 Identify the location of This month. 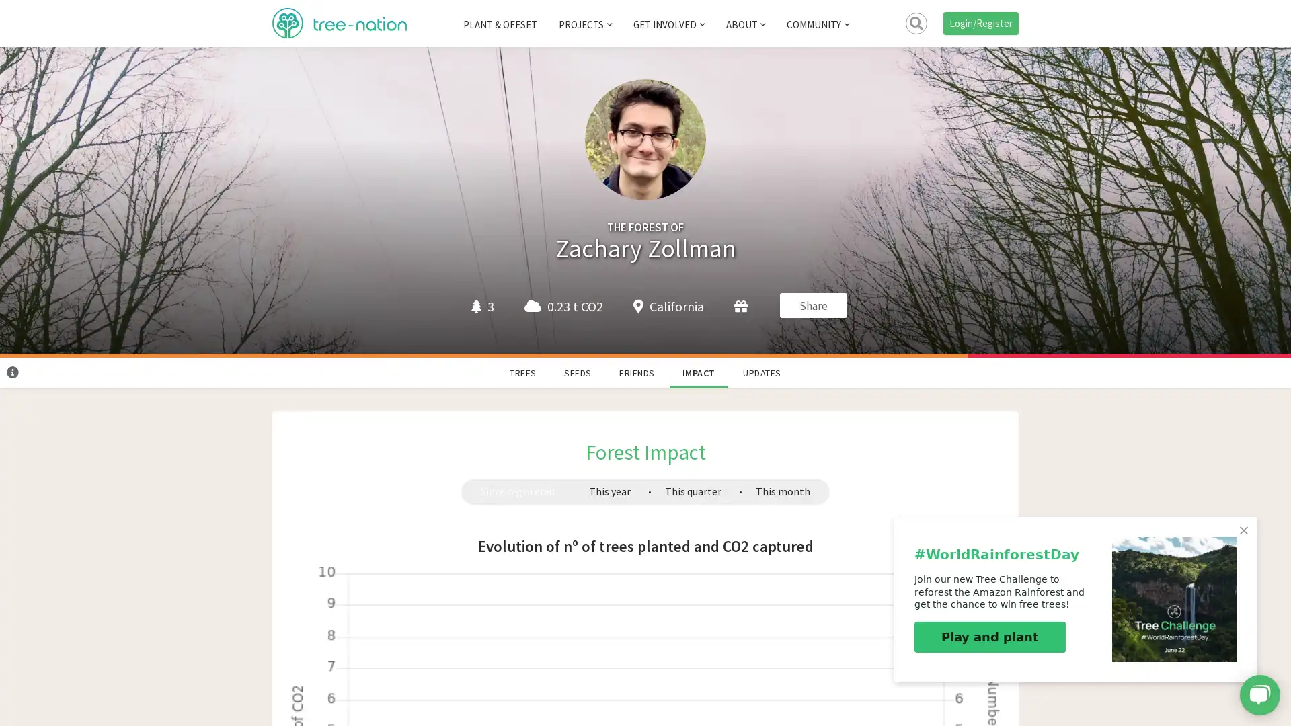
(782, 491).